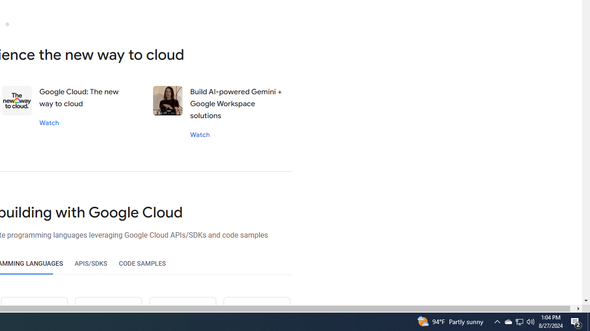 This screenshot has width=590, height=331. Describe the element at coordinates (7, 23) in the screenshot. I see `'Slide 3'` at that location.